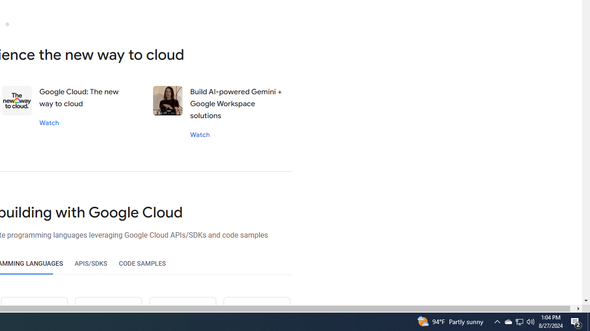 This screenshot has width=590, height=331. Describe the element at coordinates (7, 23) in the screenshot. I see `'Slide 3'` at that location.